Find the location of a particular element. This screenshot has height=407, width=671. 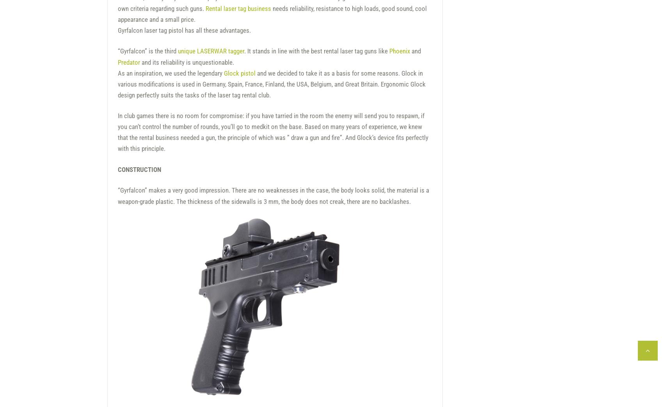

'and its reliability is unquestionable.' is located at coordinates (139, 62).